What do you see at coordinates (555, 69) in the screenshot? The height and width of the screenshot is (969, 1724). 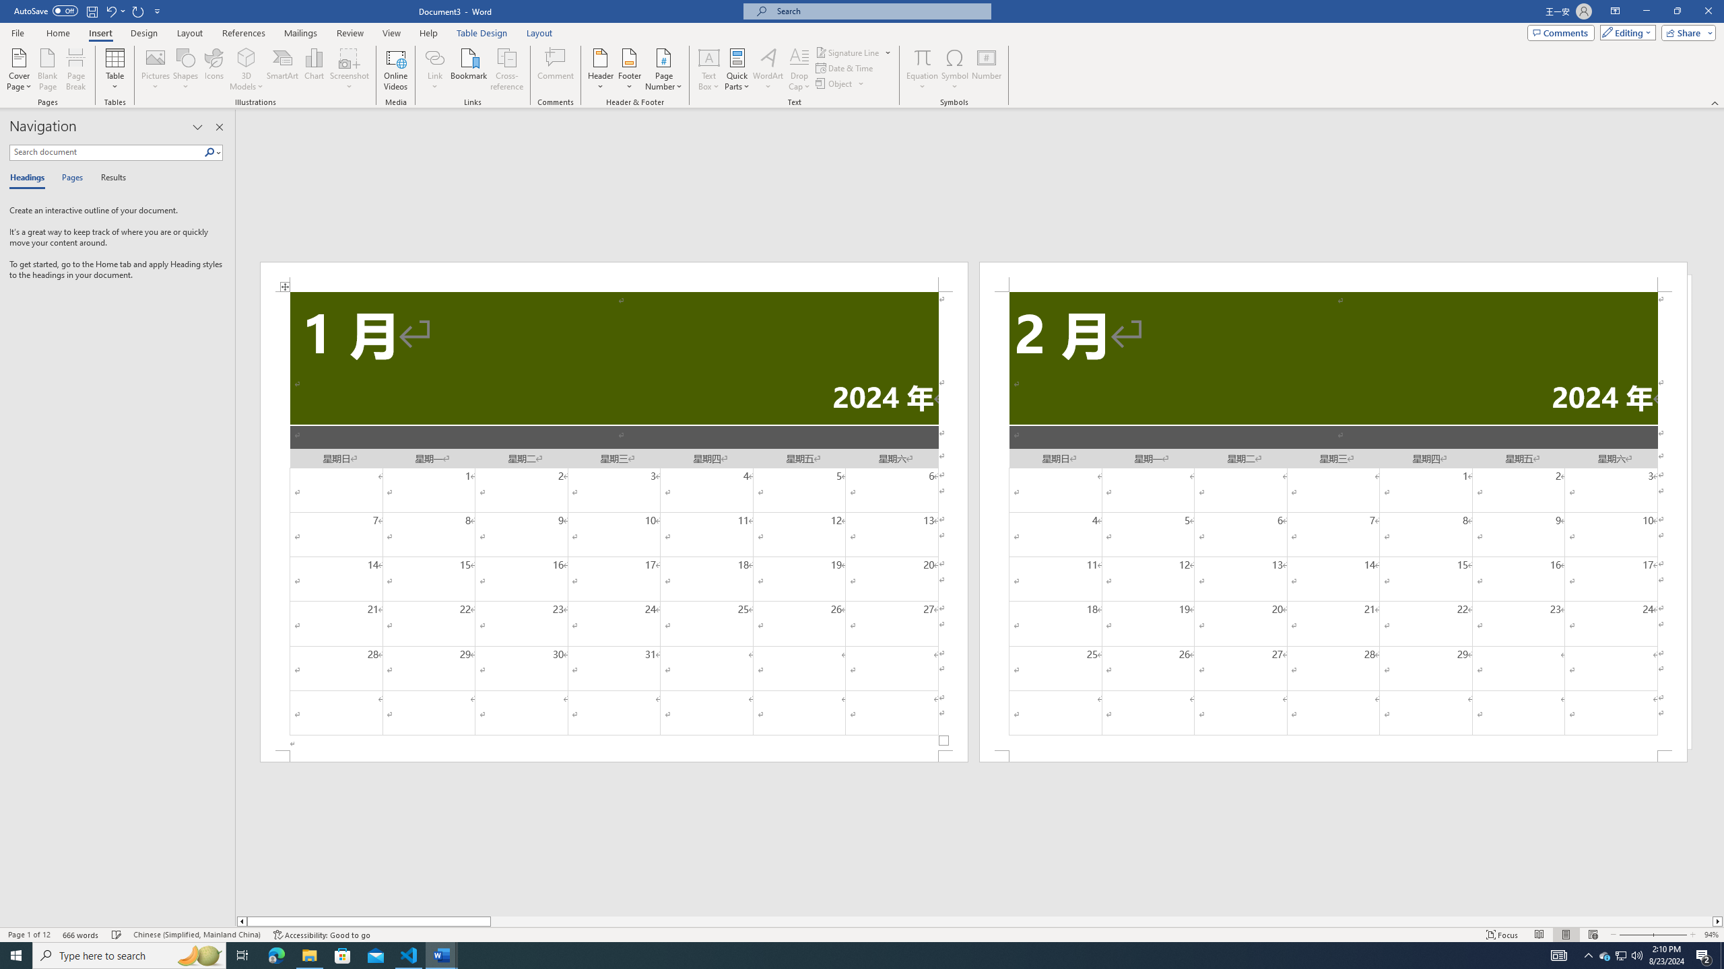 I see `'Comment'` at bounding box center [555, 69].